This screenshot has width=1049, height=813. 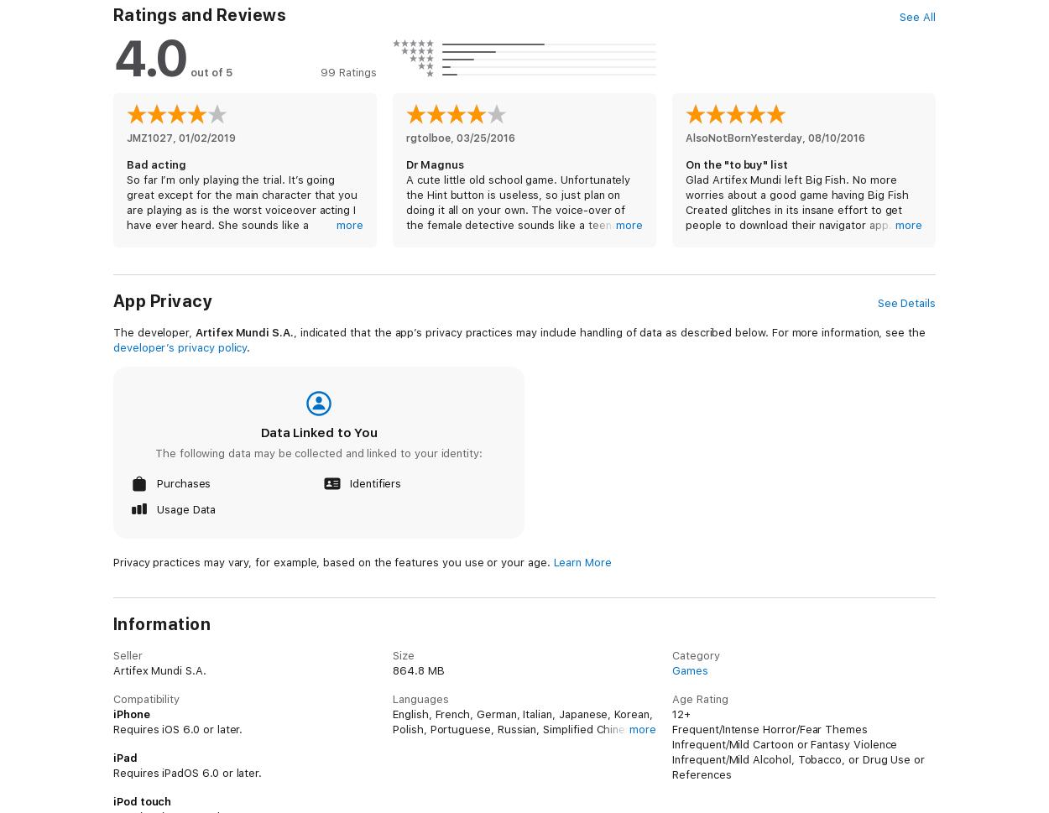 I want to click on 'Queen's Quest 2: Stories of Forgotten Past', so click(x=225, y=206).